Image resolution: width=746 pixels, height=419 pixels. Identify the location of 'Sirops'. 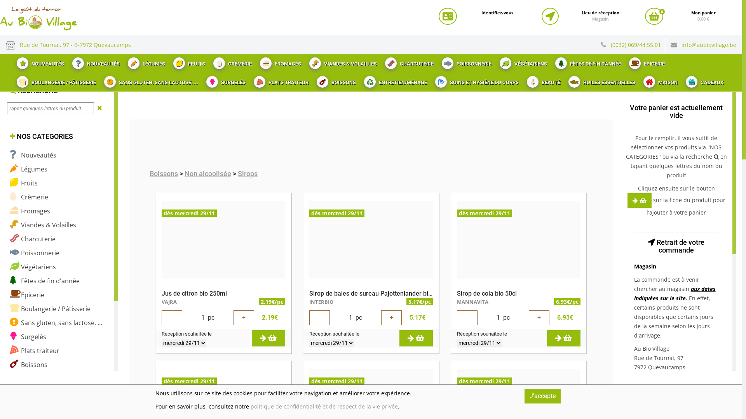
(247, 173).